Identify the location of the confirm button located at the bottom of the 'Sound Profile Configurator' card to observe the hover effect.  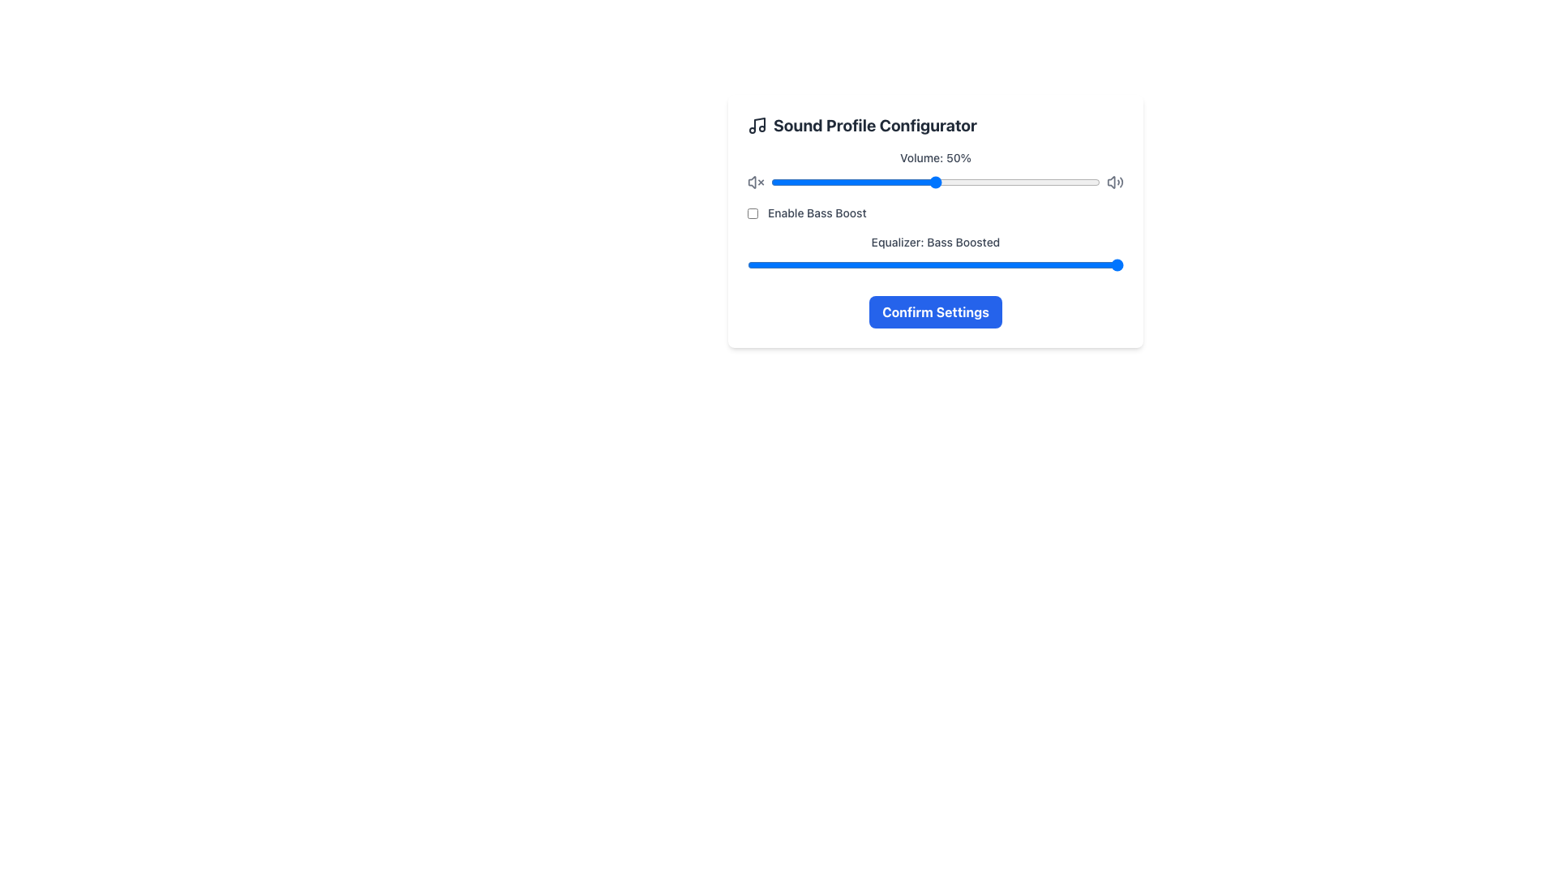
(935, 312).